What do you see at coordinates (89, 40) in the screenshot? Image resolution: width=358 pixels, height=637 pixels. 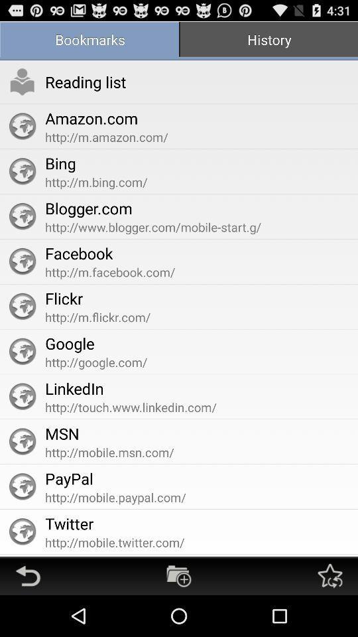 I see `item next to the history` at bounding box center [89, 40].